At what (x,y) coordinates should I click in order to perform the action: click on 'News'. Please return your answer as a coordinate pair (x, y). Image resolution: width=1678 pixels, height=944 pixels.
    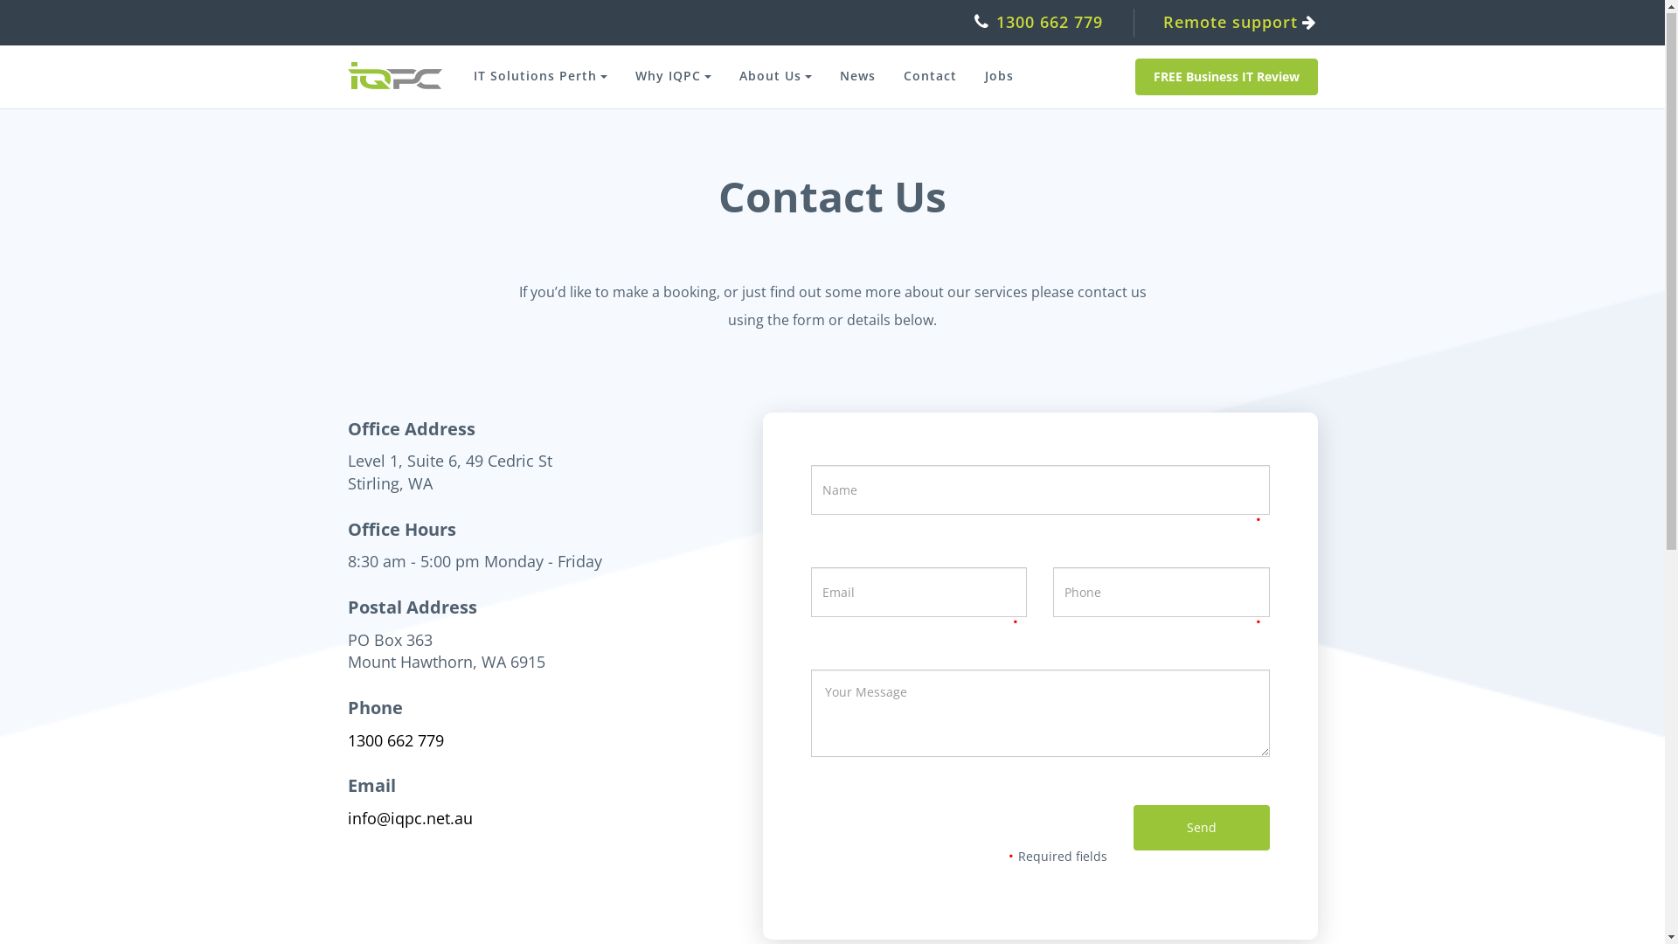
    Looking at the image, I should click on (856, 76).